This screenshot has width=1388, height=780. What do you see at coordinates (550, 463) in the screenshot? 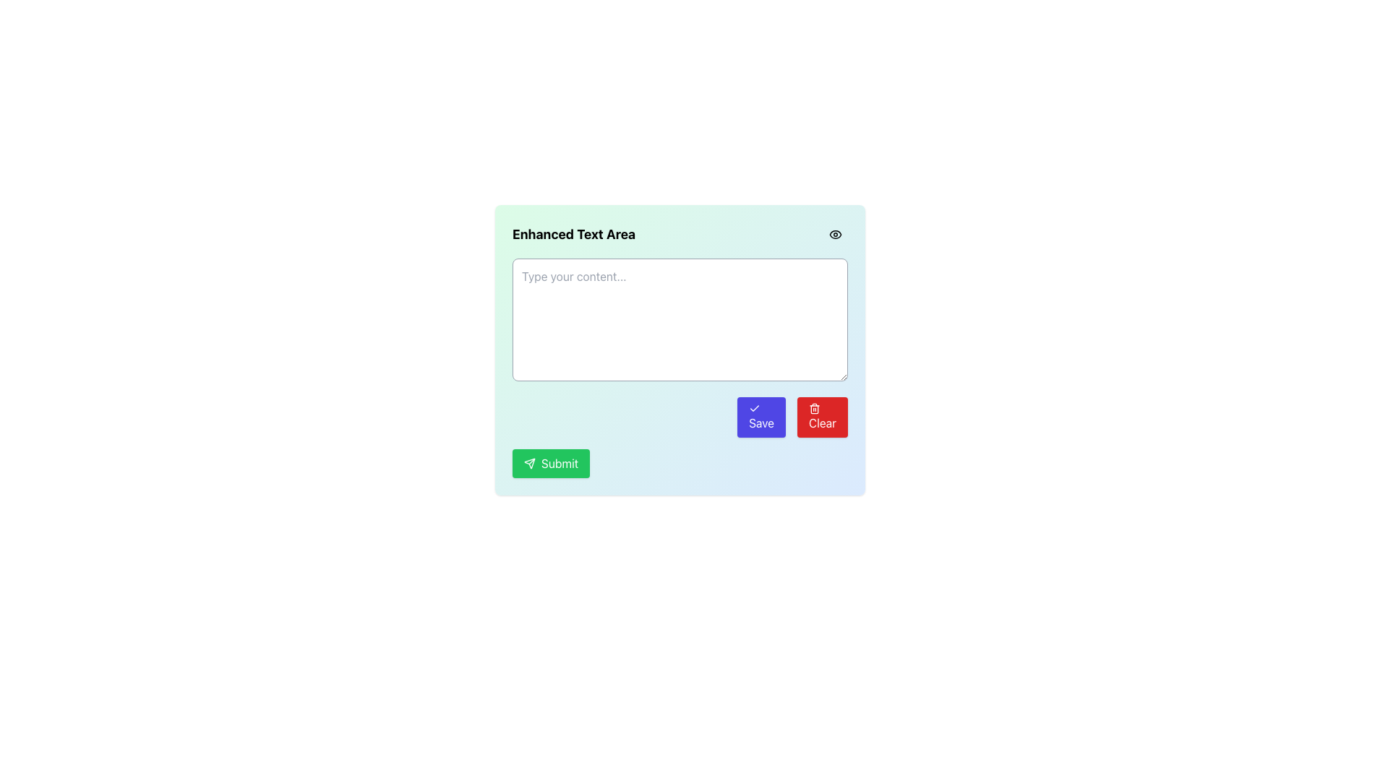
I see `the green 'Submit' button with a paper airplane icon` at bounding box center [550, 463].